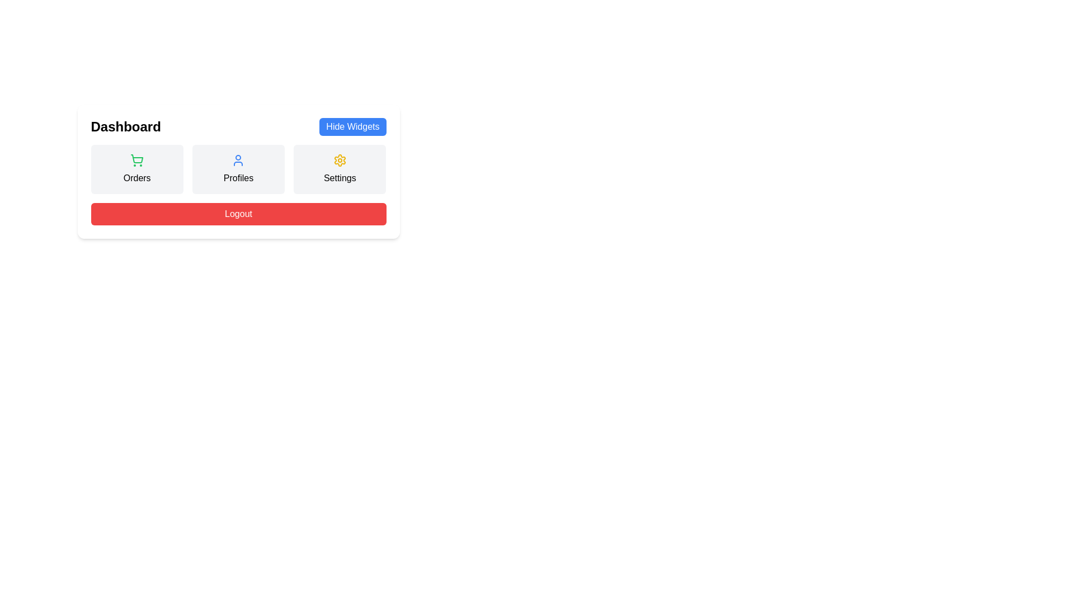 The image size is (1074, 604). Describe the element at coordinates (136, 169) in the screenshot. I see `the 'Orders' navigational button located at the leftmost position in its row` at that location.